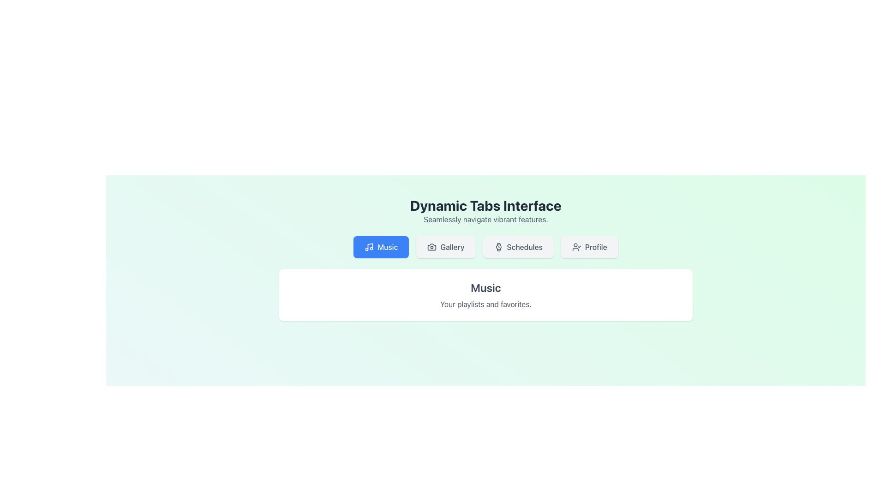 This screenshot has height=498, width=886. I want to click on the 'Profile' button icon, which is the fourth button, so click(576, 247).